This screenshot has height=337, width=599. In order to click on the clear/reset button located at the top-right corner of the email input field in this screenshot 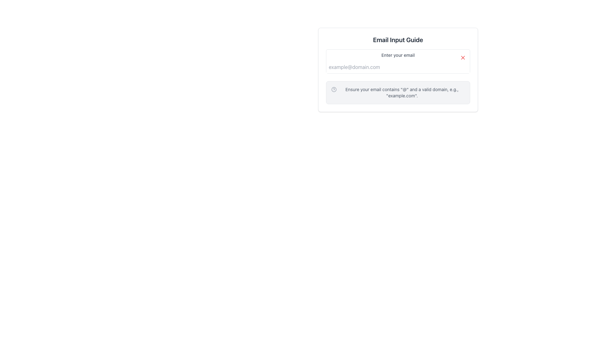, I will do `click(463, 58)`.